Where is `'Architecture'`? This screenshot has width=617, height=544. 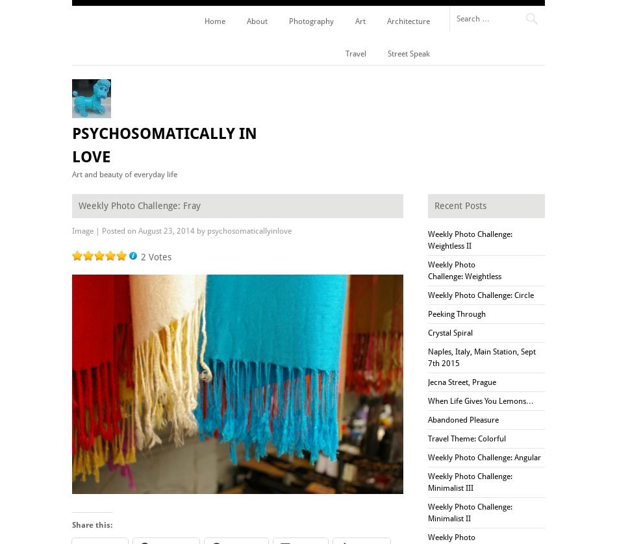
'Architecture' is located at coordinates (408, 21).